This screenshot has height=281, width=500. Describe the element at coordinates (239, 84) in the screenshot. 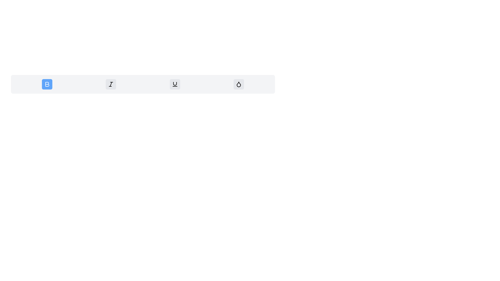

I see `the fourth button in the toolbar, which has a light gray background and a black droplet icon` at that location.